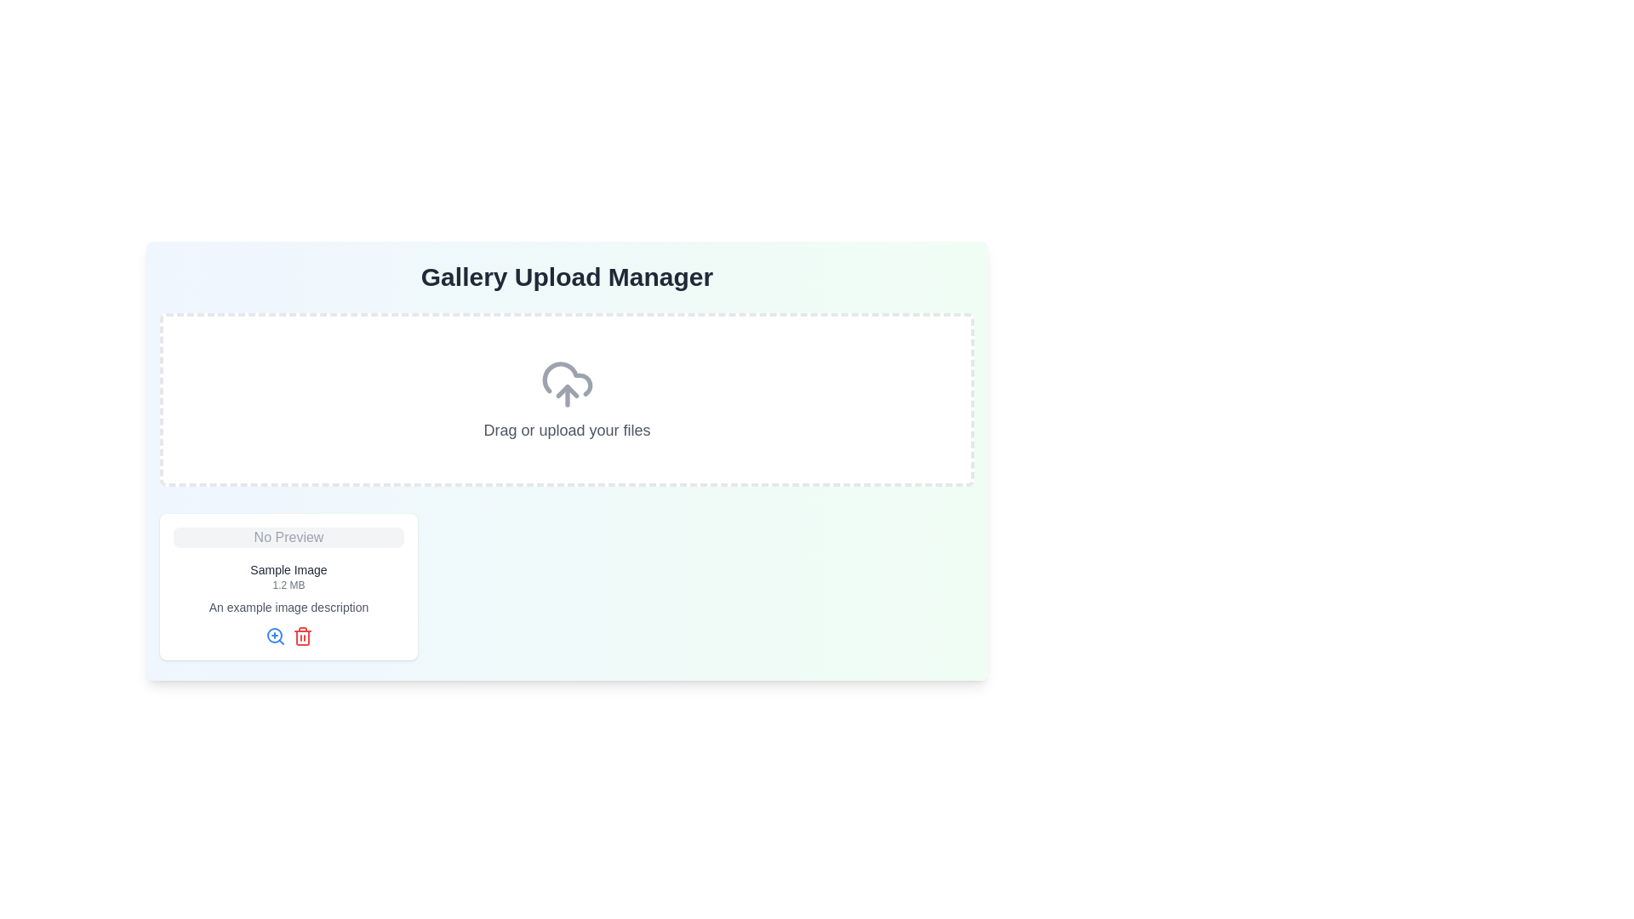 The image size is (1634, 919). Describe the element at coordinates (289, 570) in the screenshot. I see `the text label displaying 'Sample Image', which is styled in dark gray and located in the center area of a rectangular panel, positioned below the 'No Preview' banner` at that location.